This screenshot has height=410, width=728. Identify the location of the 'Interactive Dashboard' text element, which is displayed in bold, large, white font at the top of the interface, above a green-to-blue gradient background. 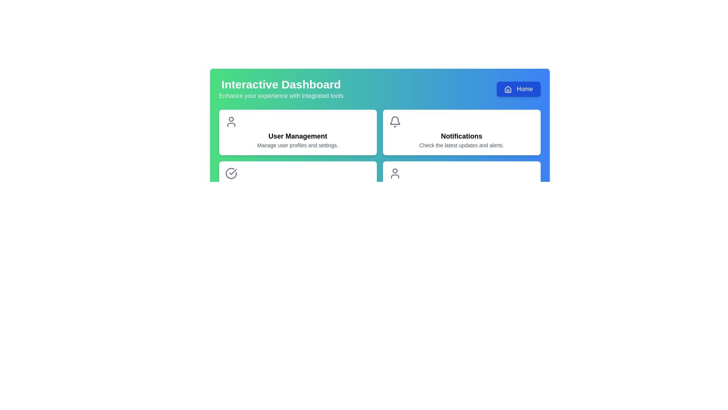
(281, 85).